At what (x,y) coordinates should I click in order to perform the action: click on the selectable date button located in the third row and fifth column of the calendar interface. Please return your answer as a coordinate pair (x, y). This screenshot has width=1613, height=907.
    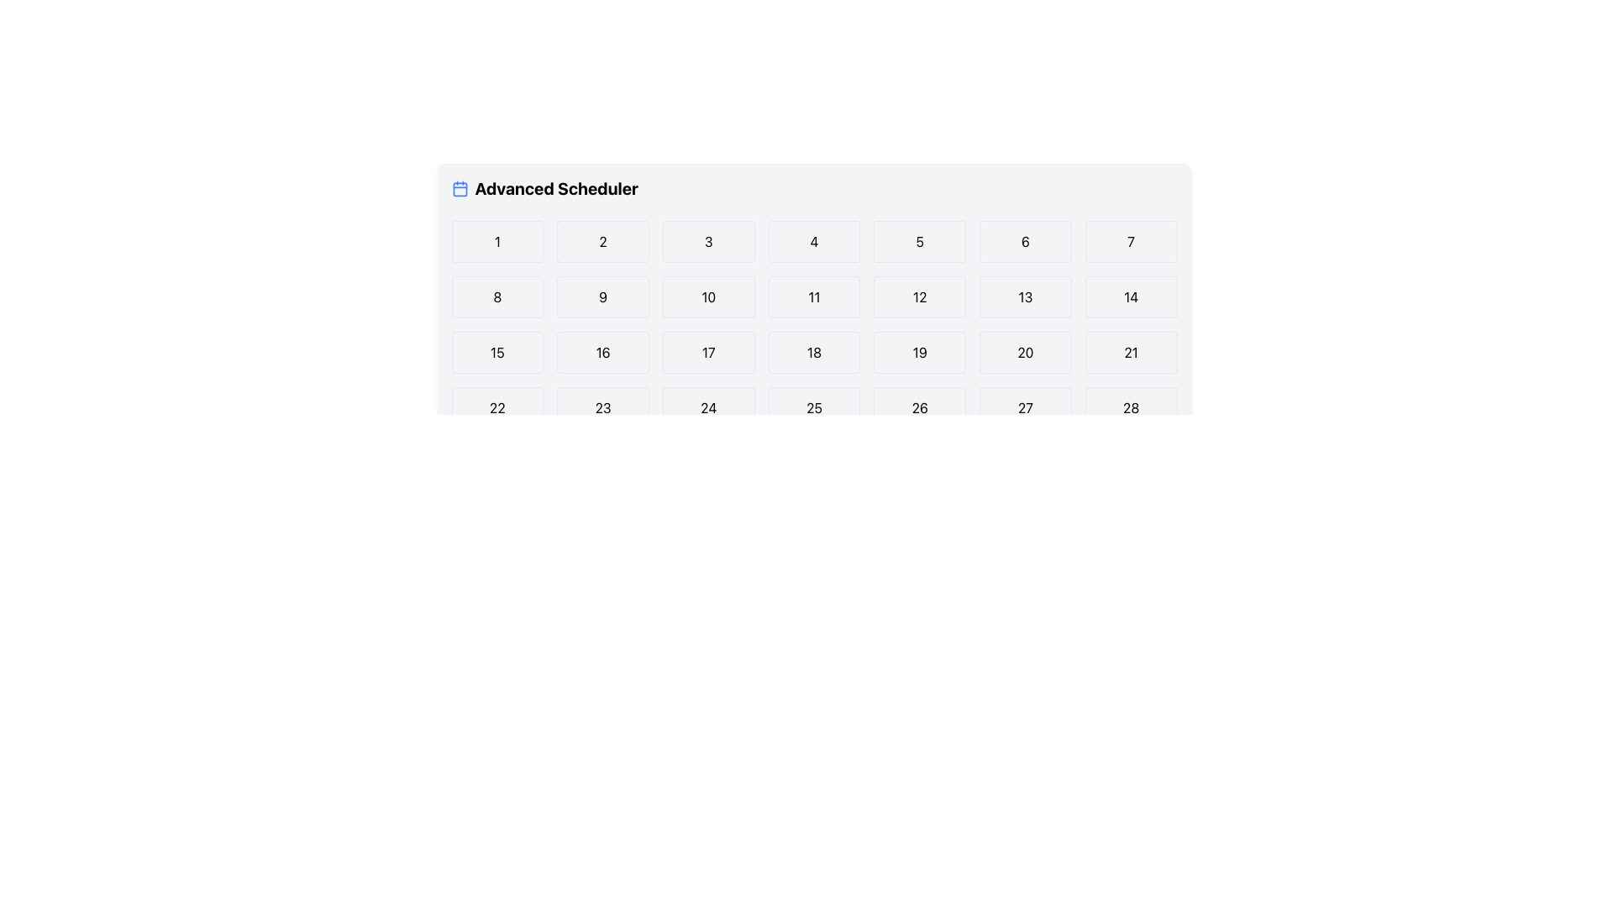
    Looking at the image, I should click on (919, 352).